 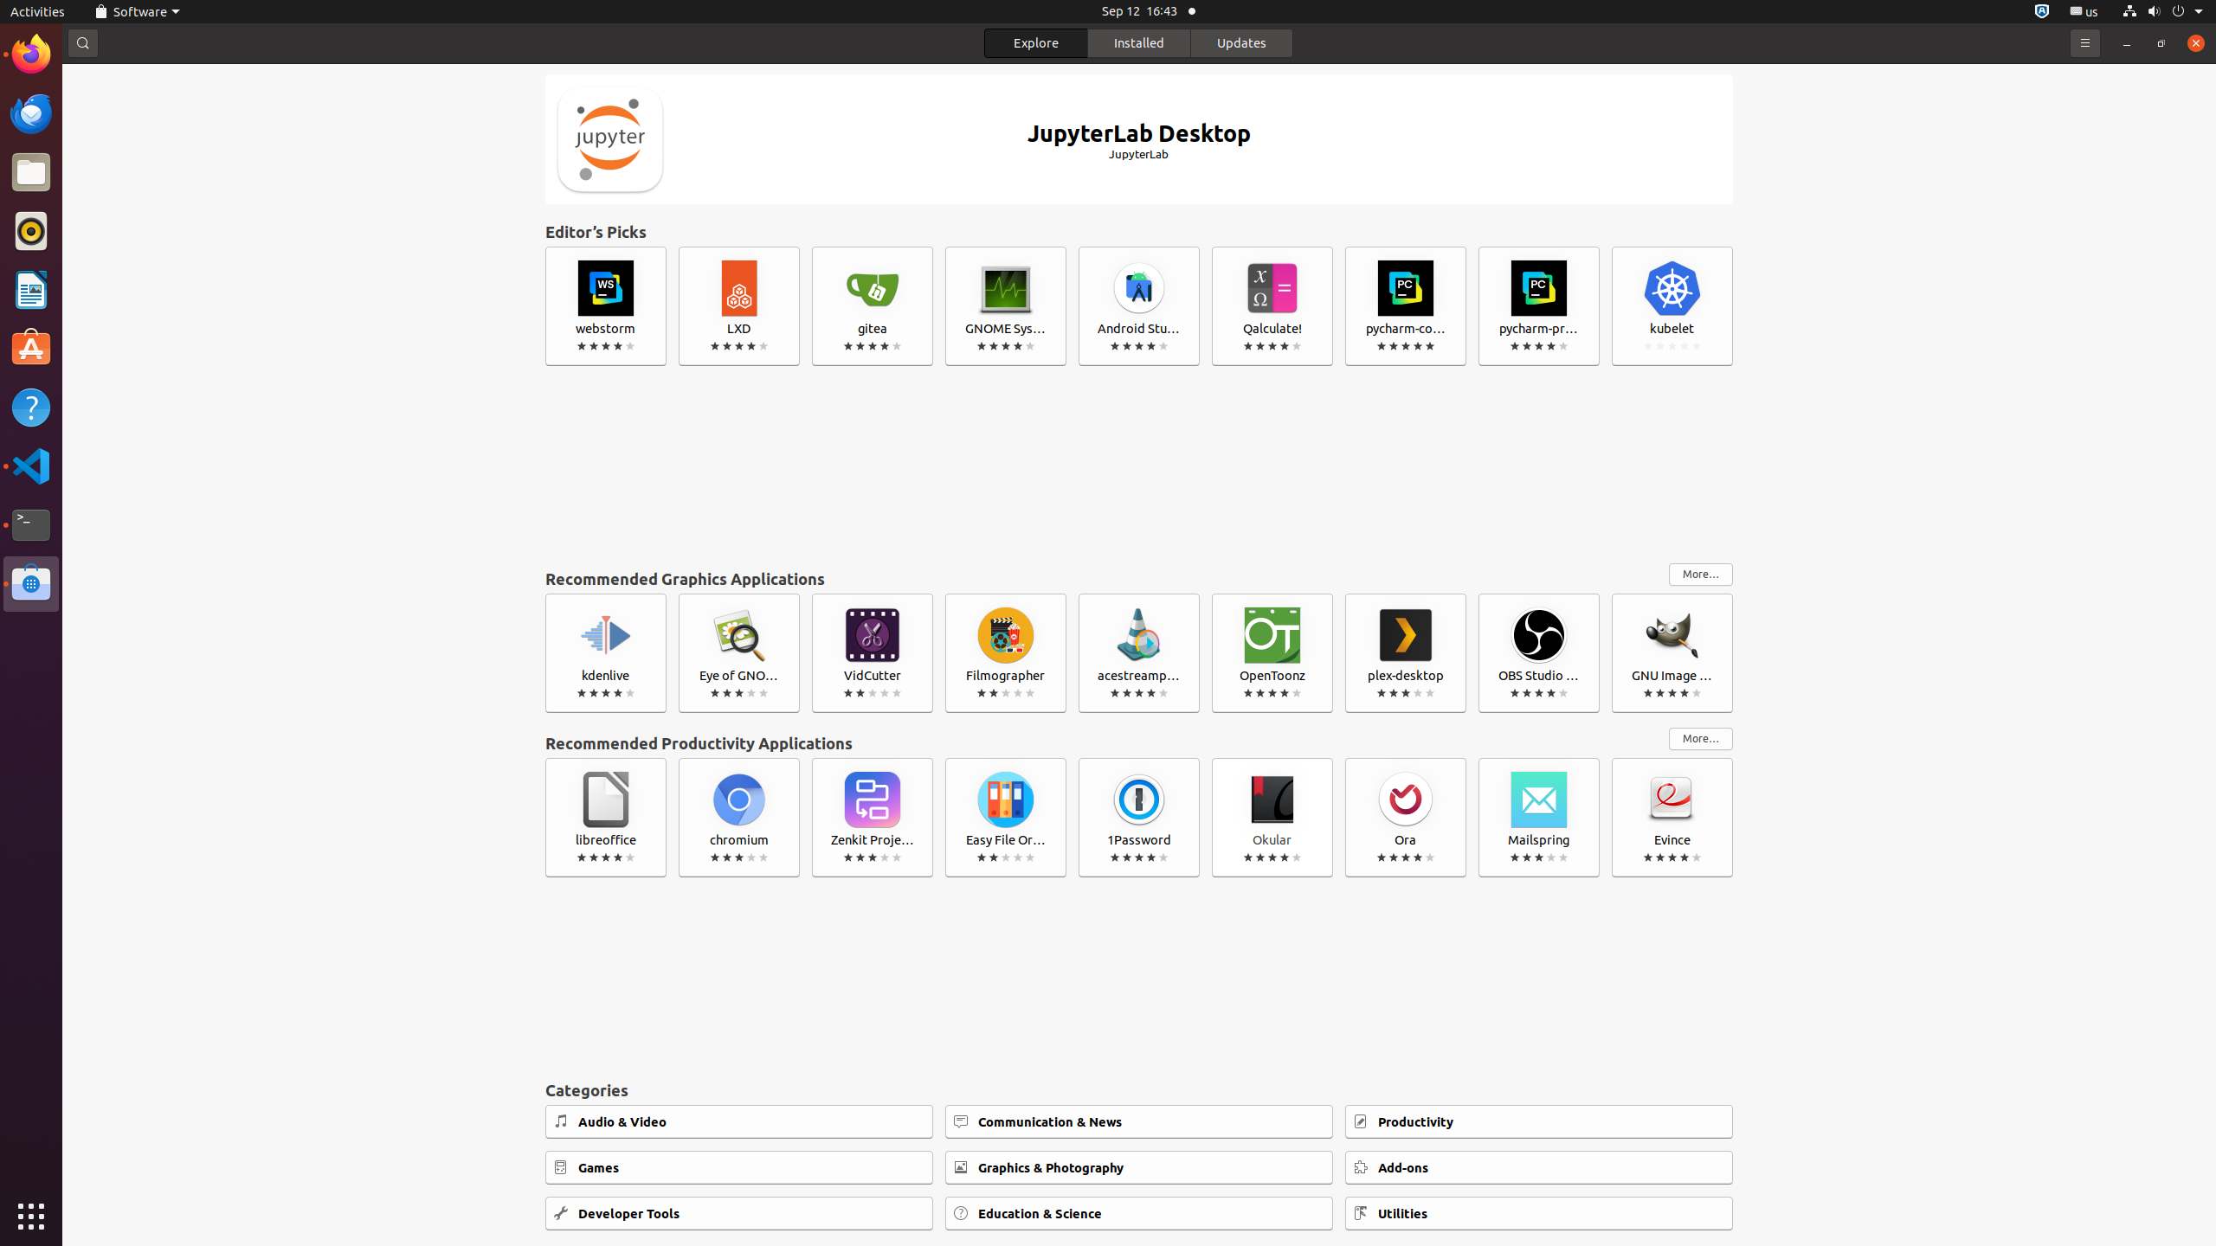 I want to click on 'GNOME System Monitor', so click(x=1005, y=305).